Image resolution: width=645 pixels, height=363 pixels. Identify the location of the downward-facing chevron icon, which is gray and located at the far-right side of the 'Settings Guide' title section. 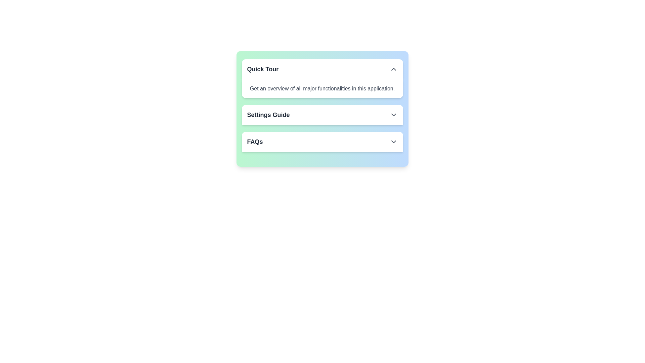
(393, 115).